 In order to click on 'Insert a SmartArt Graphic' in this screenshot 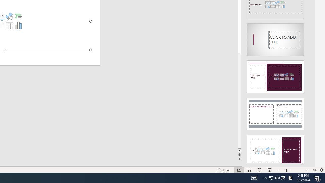, I will do `click(19, 16)`.